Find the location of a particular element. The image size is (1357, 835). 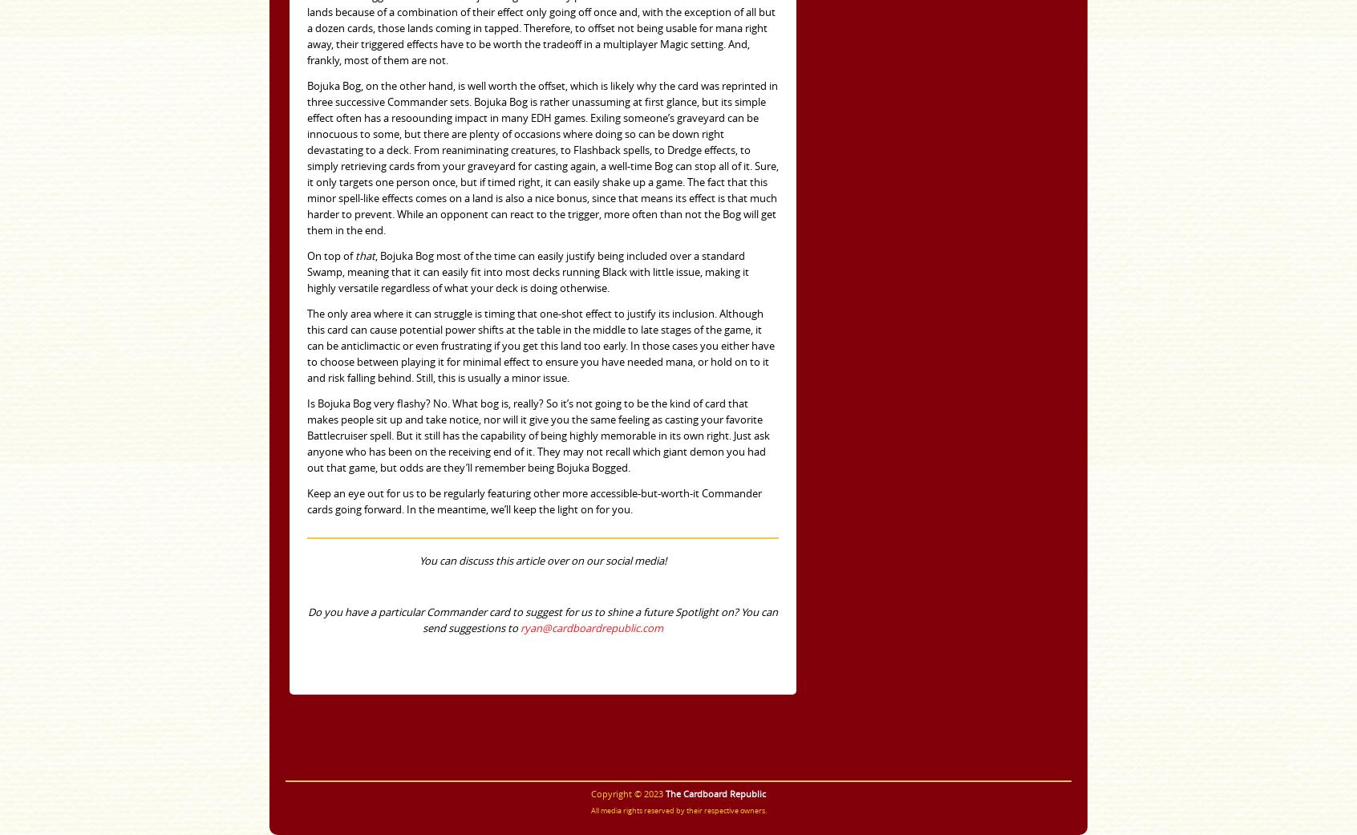

'Is Bojuka Bog very flashy? No. What bog is, really? So it’s not going to be the kind of card that makes people sit up and take notice, nor will it give you the same feeling as casting your favorite Battlecruiser spell. But it still has the capability of being highly memorable in its own right. Just ask anyone who has been on the receiving end of it. They may not recall which giant demon you had out that game, but odds are they’ll remember being Bojuka Bogged.' is located at coordinates (538, 436).